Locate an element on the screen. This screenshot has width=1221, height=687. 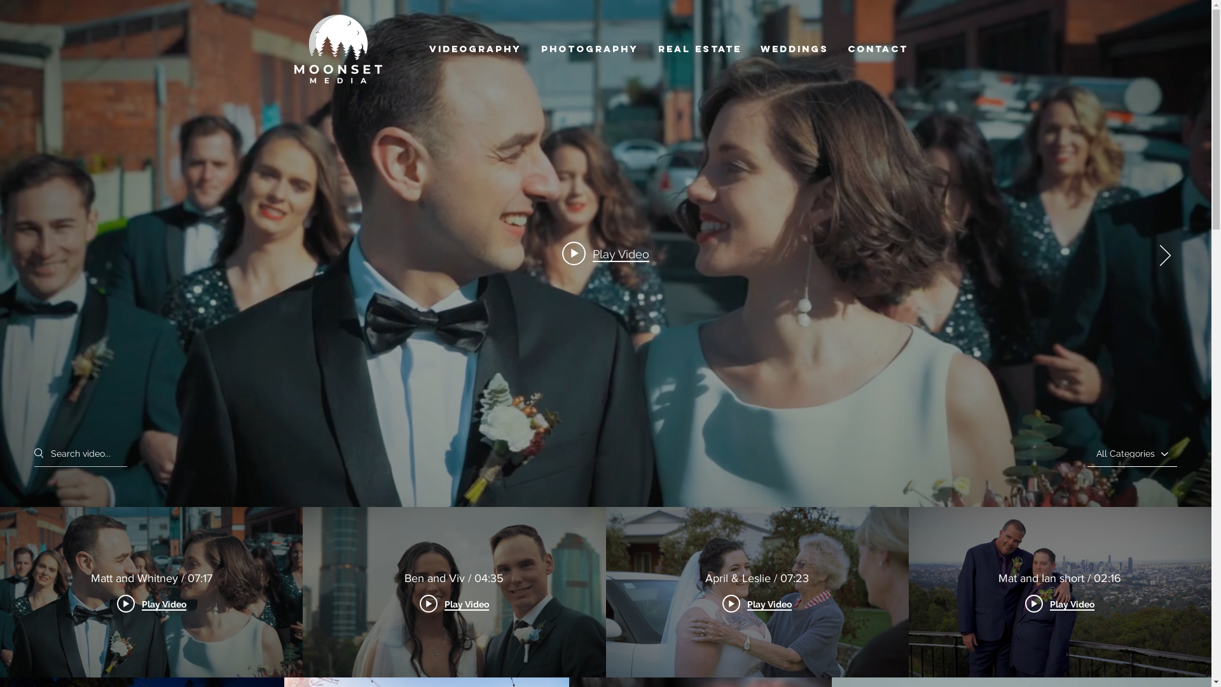
'WEDDINGS' is located at coordinates (793, 48).